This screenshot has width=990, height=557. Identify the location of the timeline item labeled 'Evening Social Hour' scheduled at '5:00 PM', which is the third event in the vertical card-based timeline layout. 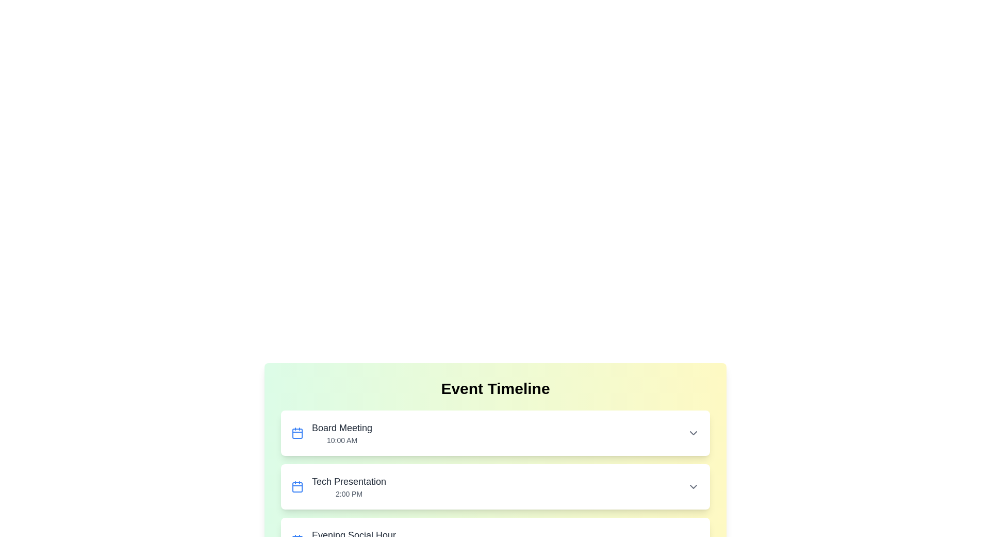
(354, 540).